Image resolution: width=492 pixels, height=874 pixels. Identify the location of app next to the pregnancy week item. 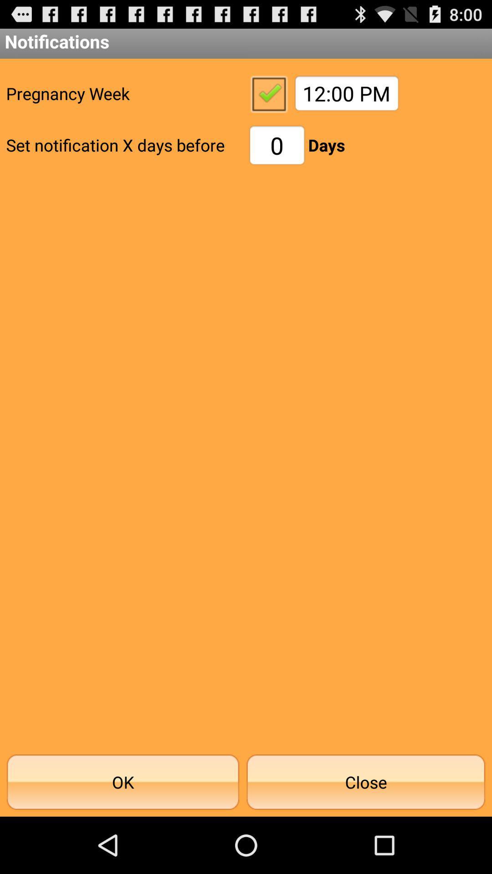
(268, 93).